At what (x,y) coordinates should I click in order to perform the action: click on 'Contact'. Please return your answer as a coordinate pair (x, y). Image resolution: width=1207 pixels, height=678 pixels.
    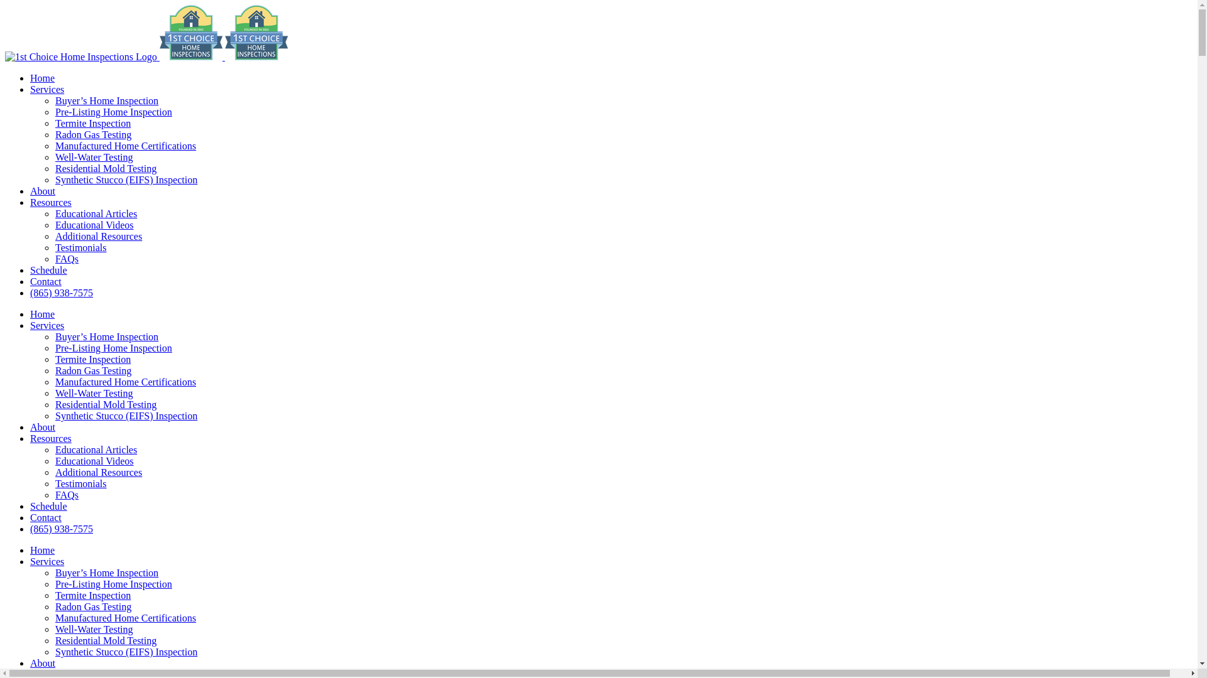
    Looking at the image, I should click on (30, 517).